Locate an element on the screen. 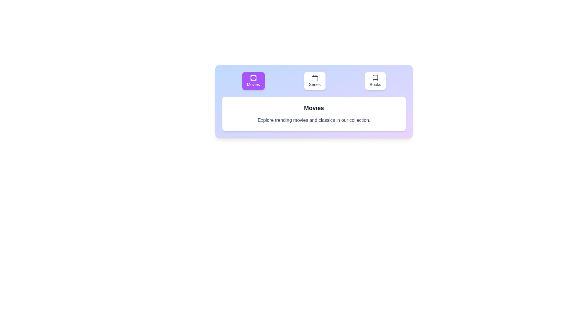 This screenshot has width=564, height=317. the Series tab by clicking on its button is located at coordinates (314, 81).